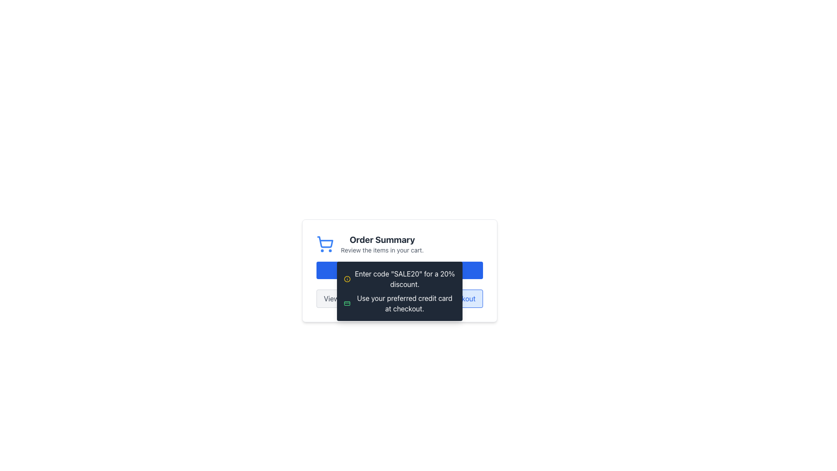 This screenshot has height=471, width=837. I want to click on the promotional message text with icon that informs users about a discount code, located in the first section of the notification box, so click(399, 279).